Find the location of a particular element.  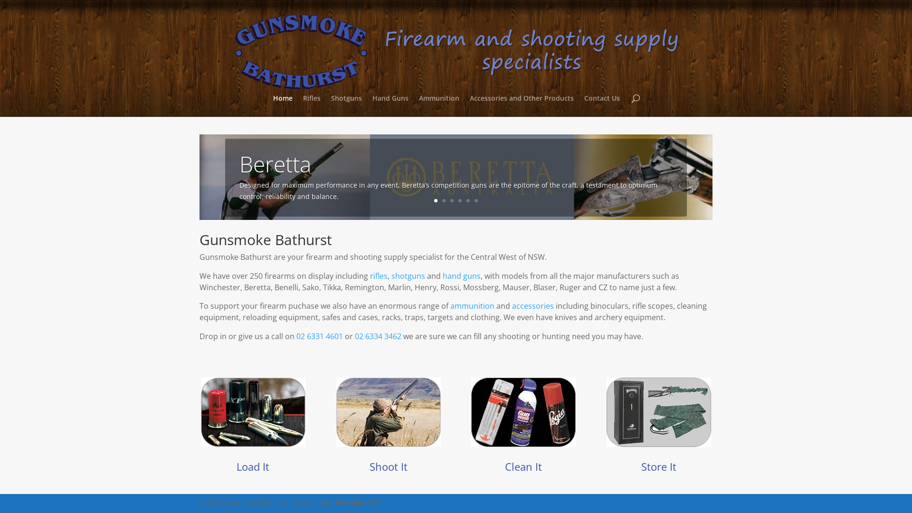

'Contact Us' is located at coordinates (601, 106).